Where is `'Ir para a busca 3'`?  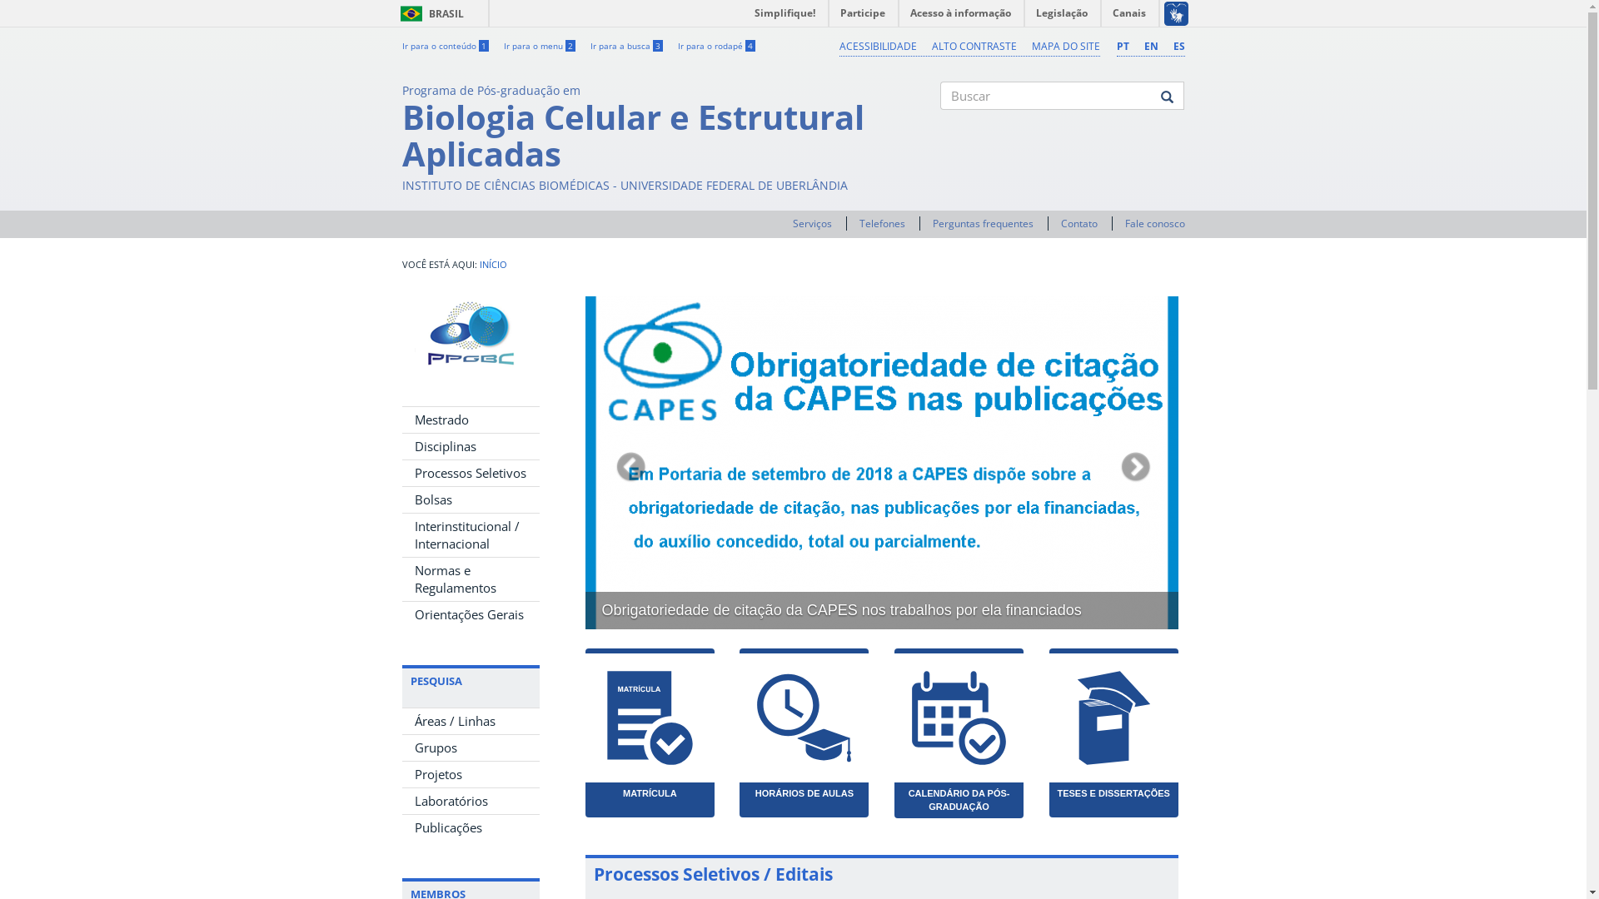
'Ir para a busca 3' is located at coordinates (625, 44).